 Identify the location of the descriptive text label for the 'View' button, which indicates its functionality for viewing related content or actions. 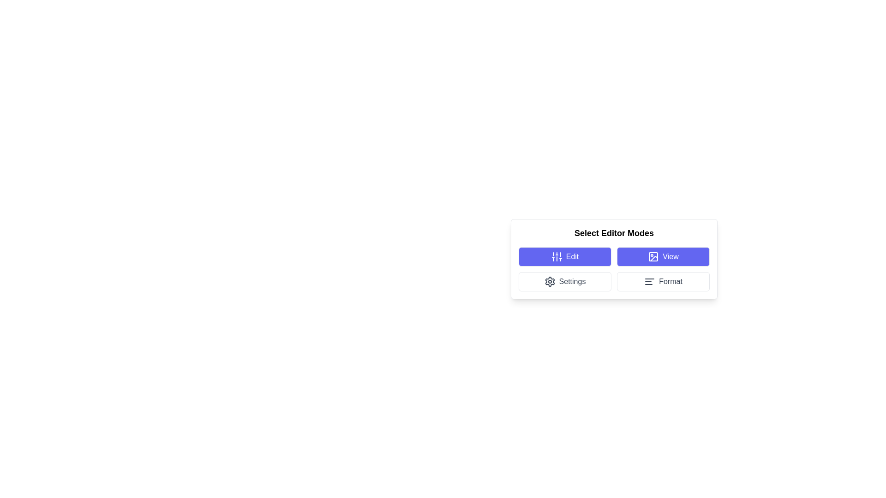
(670, 256).